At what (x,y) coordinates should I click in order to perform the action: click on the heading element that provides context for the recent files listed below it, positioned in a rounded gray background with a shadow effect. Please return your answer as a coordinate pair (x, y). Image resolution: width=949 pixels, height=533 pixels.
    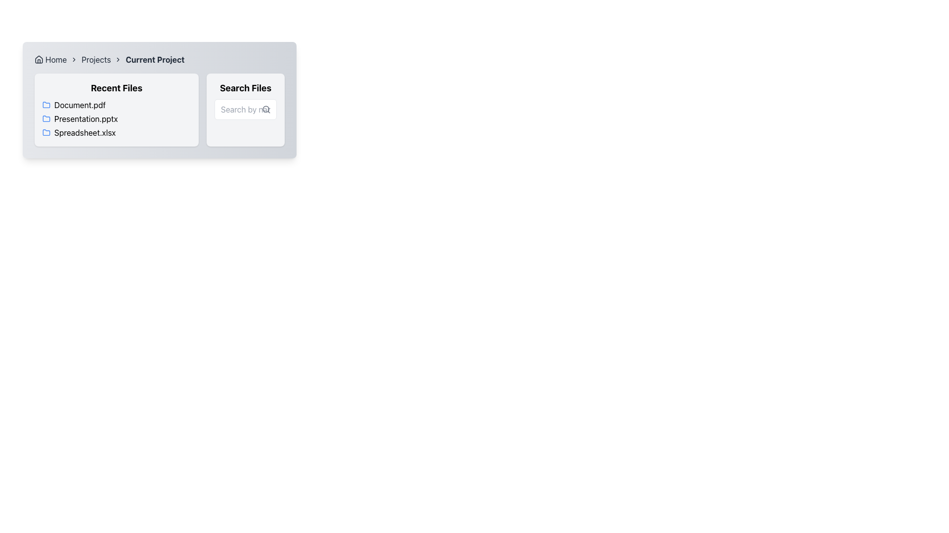
    Looking at the image, I should click on (116, 87).